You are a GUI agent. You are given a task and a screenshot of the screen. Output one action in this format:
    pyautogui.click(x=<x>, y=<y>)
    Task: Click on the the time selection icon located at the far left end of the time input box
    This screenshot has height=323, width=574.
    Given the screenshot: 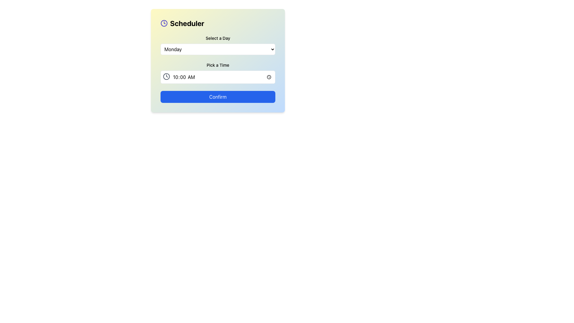 What is the action you would take?
    pyautogui.click(x=166, y=76)
    